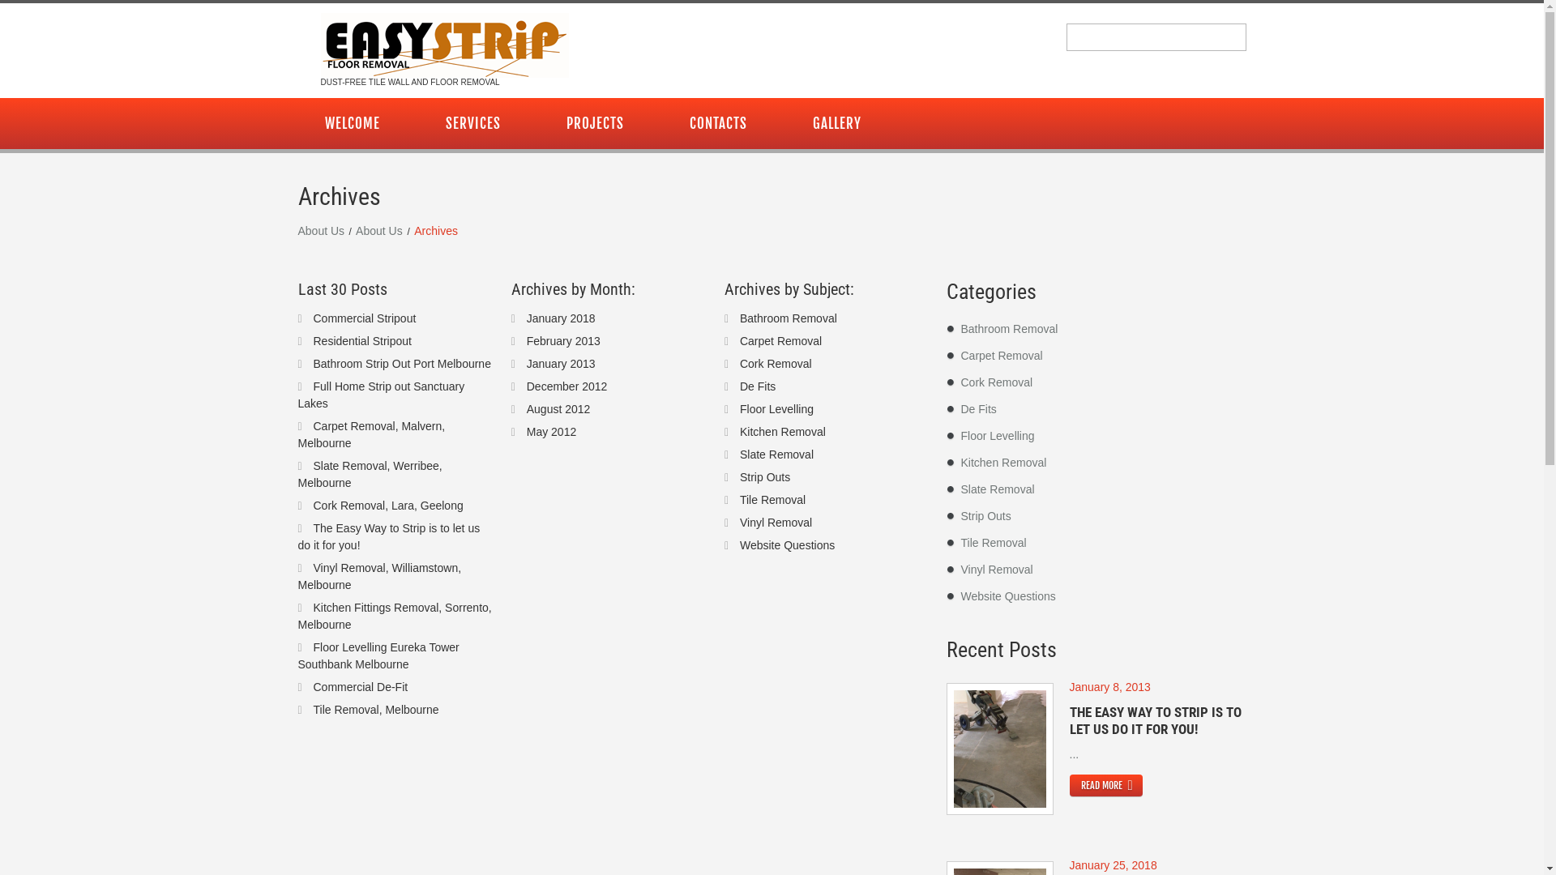 The image size is (1556, 875). What do you see at coordinates (352, 122) in the screenshot?
I see `'WELCOME'` at bounding box center [352, 122].